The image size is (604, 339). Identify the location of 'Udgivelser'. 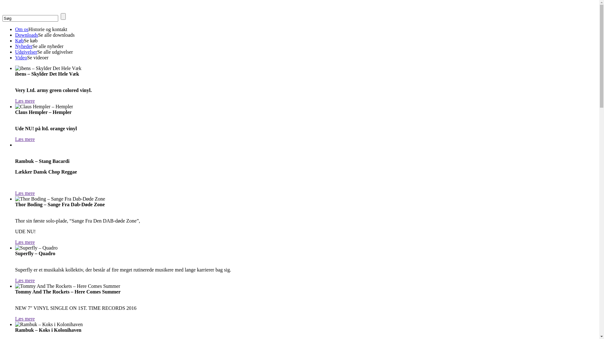
(15, 51).